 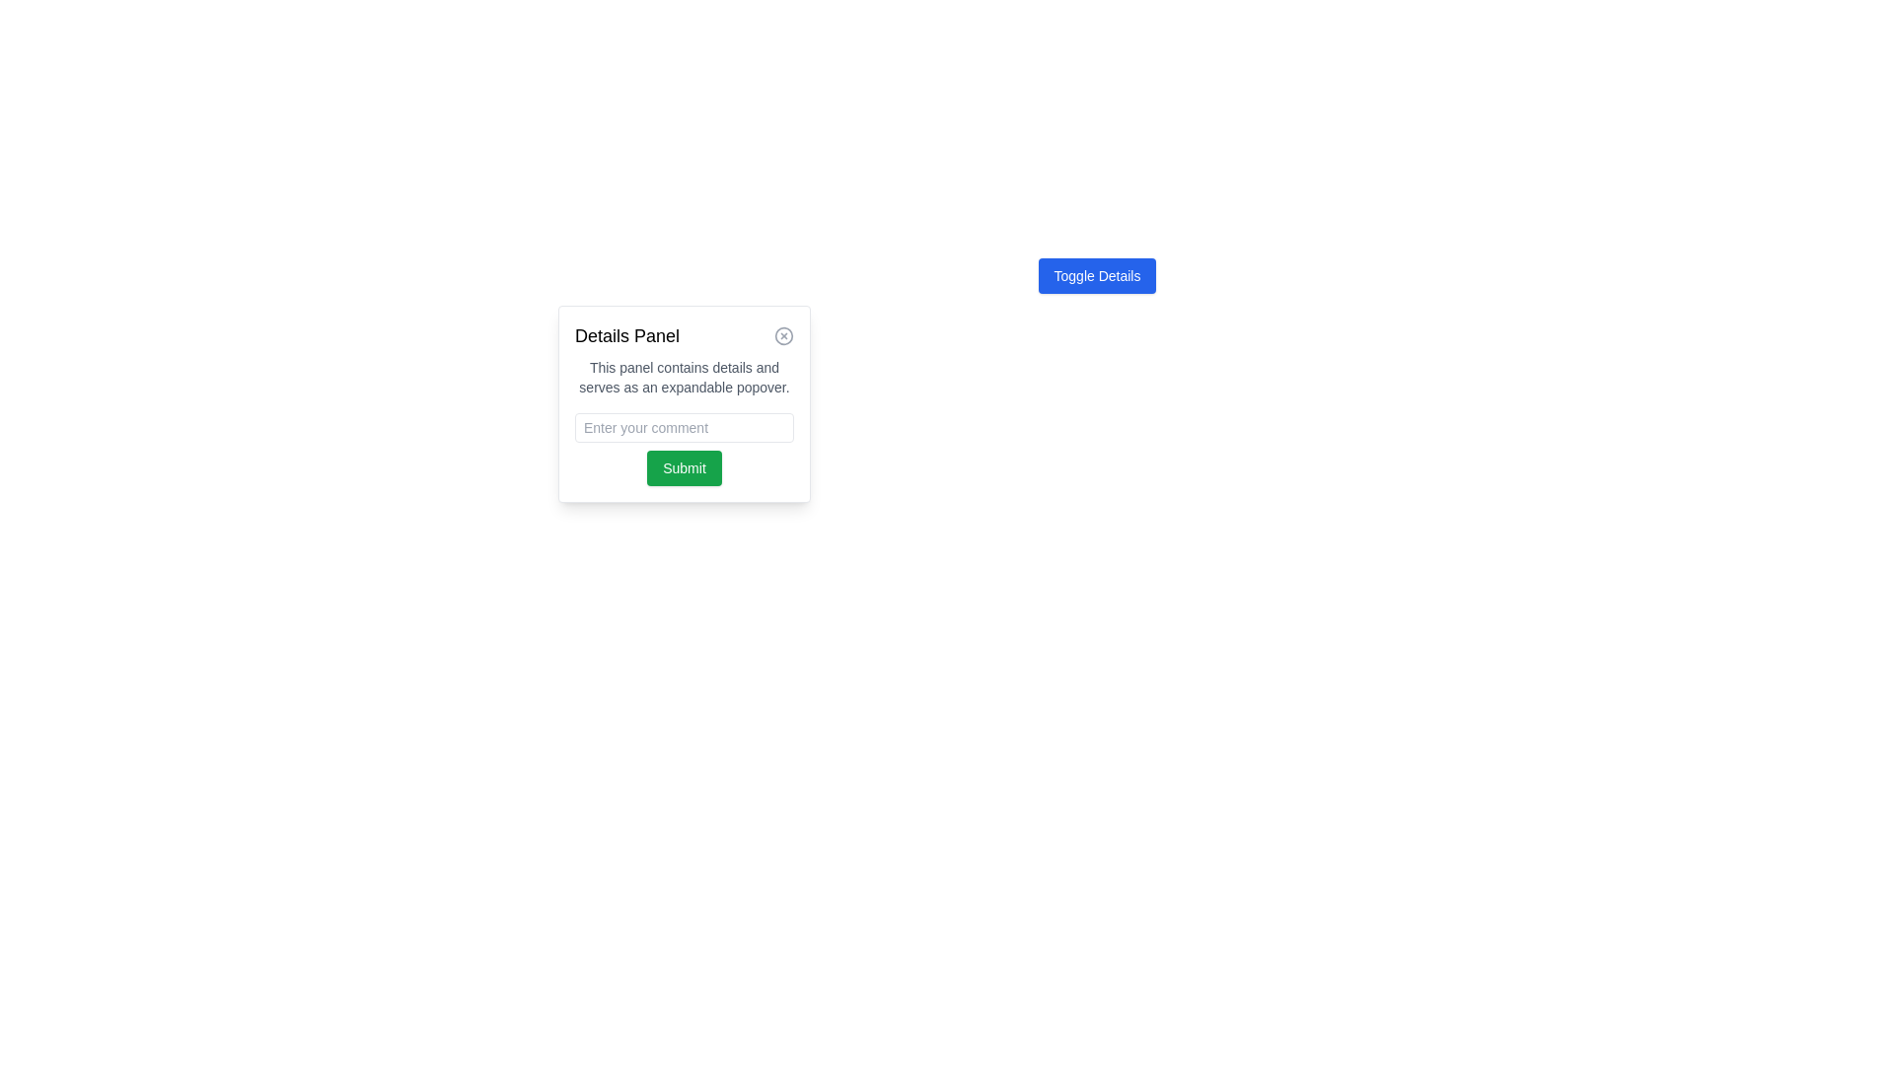 What do you see at coordinates (1096, 276) in the screenshot?
I see `the 'Toggle Details' button, which has a blue background and white text` at bounding box center [1096, 276].